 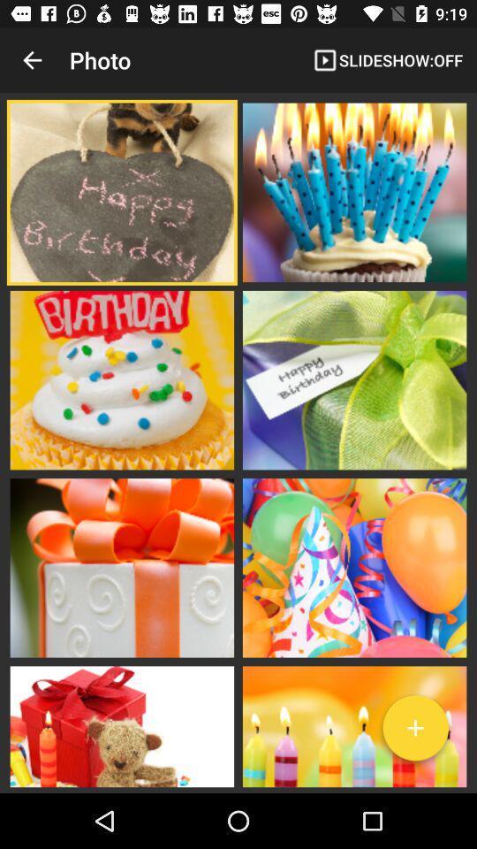 I want to click on second image in first row of the page, so click(x=354, y=193).